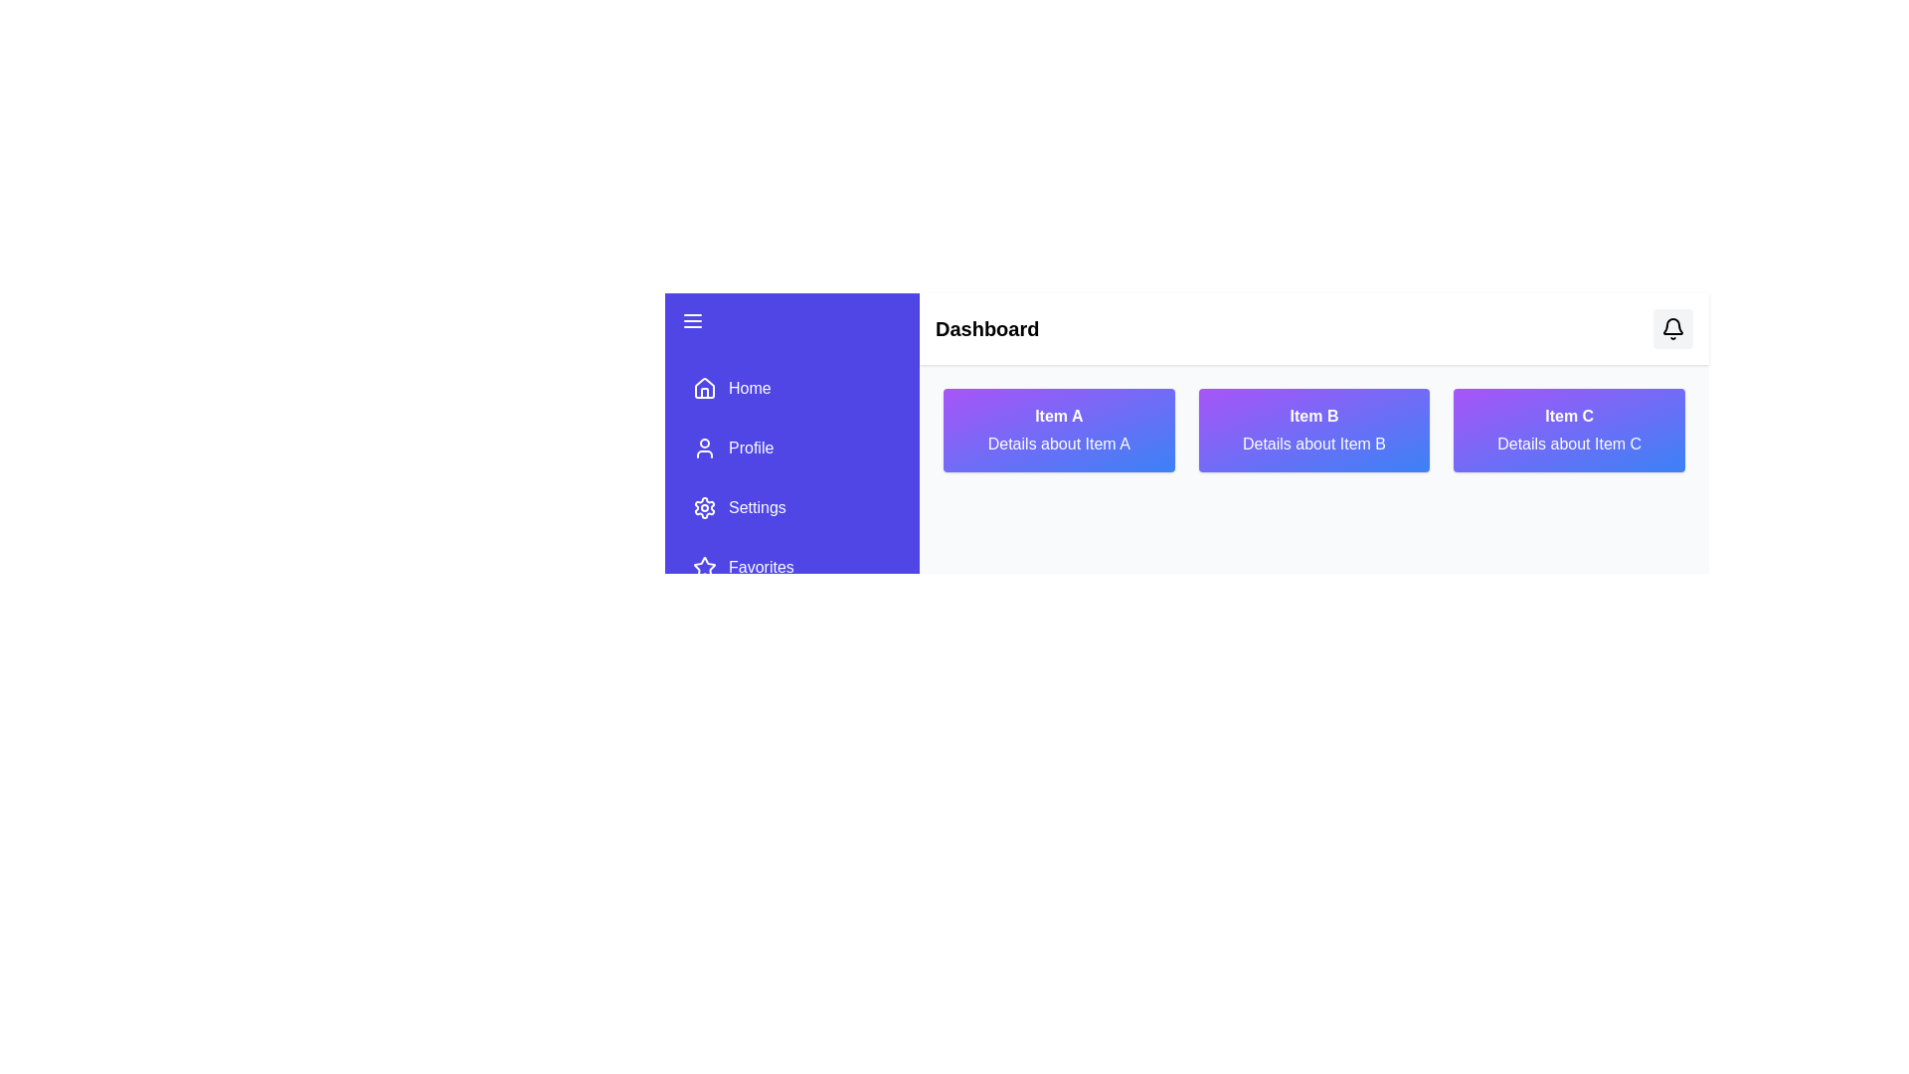  I want to click on the notification bell icon located at the top-right corner of the interface, so click(1672, 328).